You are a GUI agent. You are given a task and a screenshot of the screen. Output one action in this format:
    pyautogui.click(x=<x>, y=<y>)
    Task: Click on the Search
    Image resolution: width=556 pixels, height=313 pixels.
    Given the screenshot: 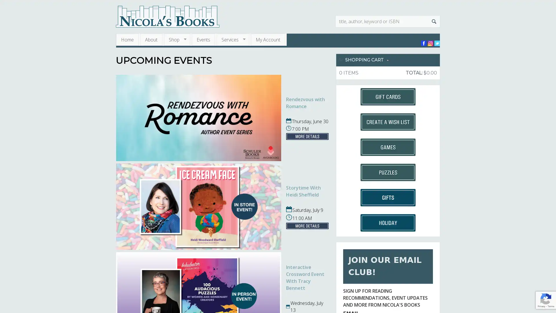 What is the action you would take?
    pyautogui.click(x=434, y=21)
    